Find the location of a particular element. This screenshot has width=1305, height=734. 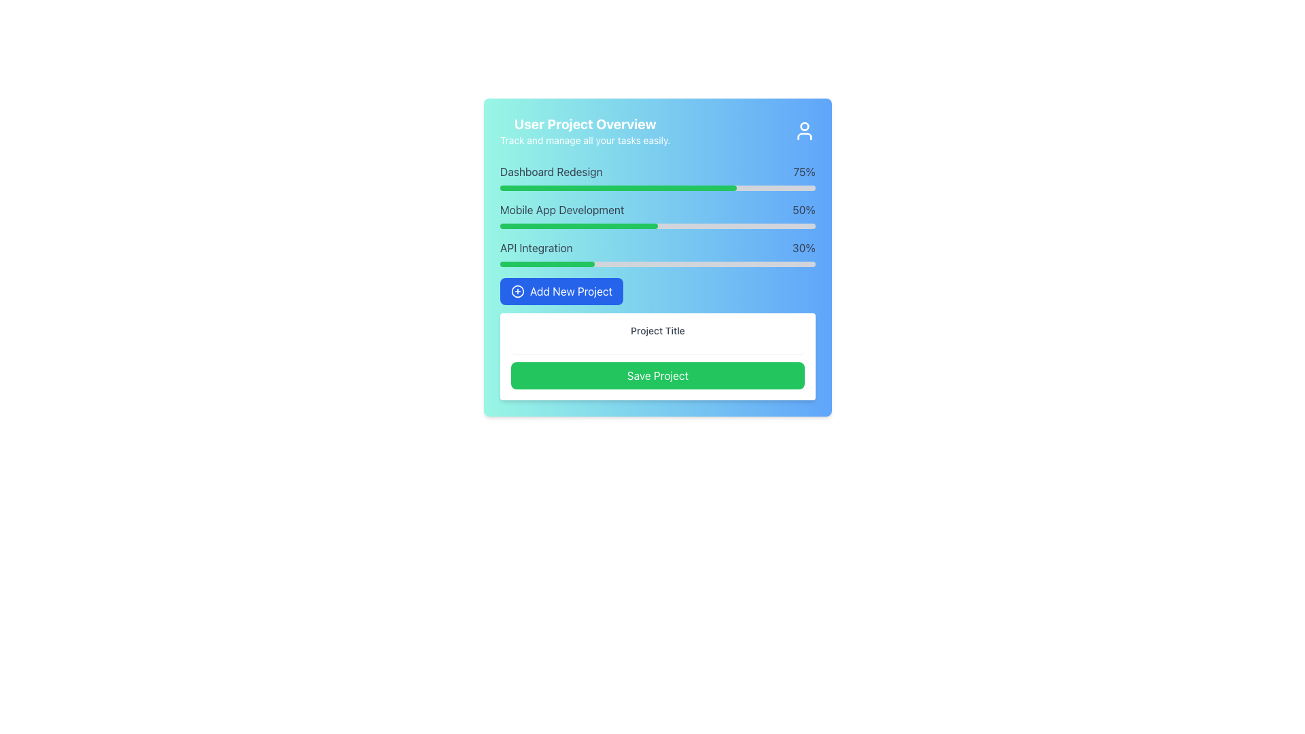

the Text Label displaying the percentage completion of the 'API Integration' task, located in the bottom-right corner of the API Integration section is located at coordinates (804, 248).